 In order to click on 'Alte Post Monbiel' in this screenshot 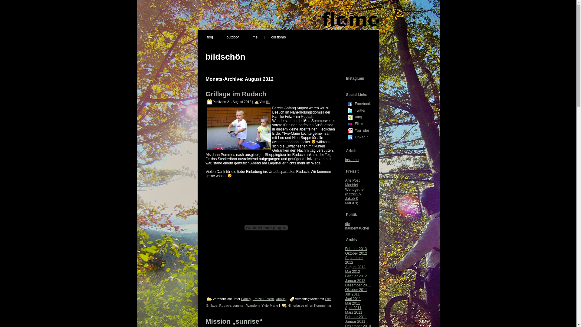, I will do `click(352, 182)`.